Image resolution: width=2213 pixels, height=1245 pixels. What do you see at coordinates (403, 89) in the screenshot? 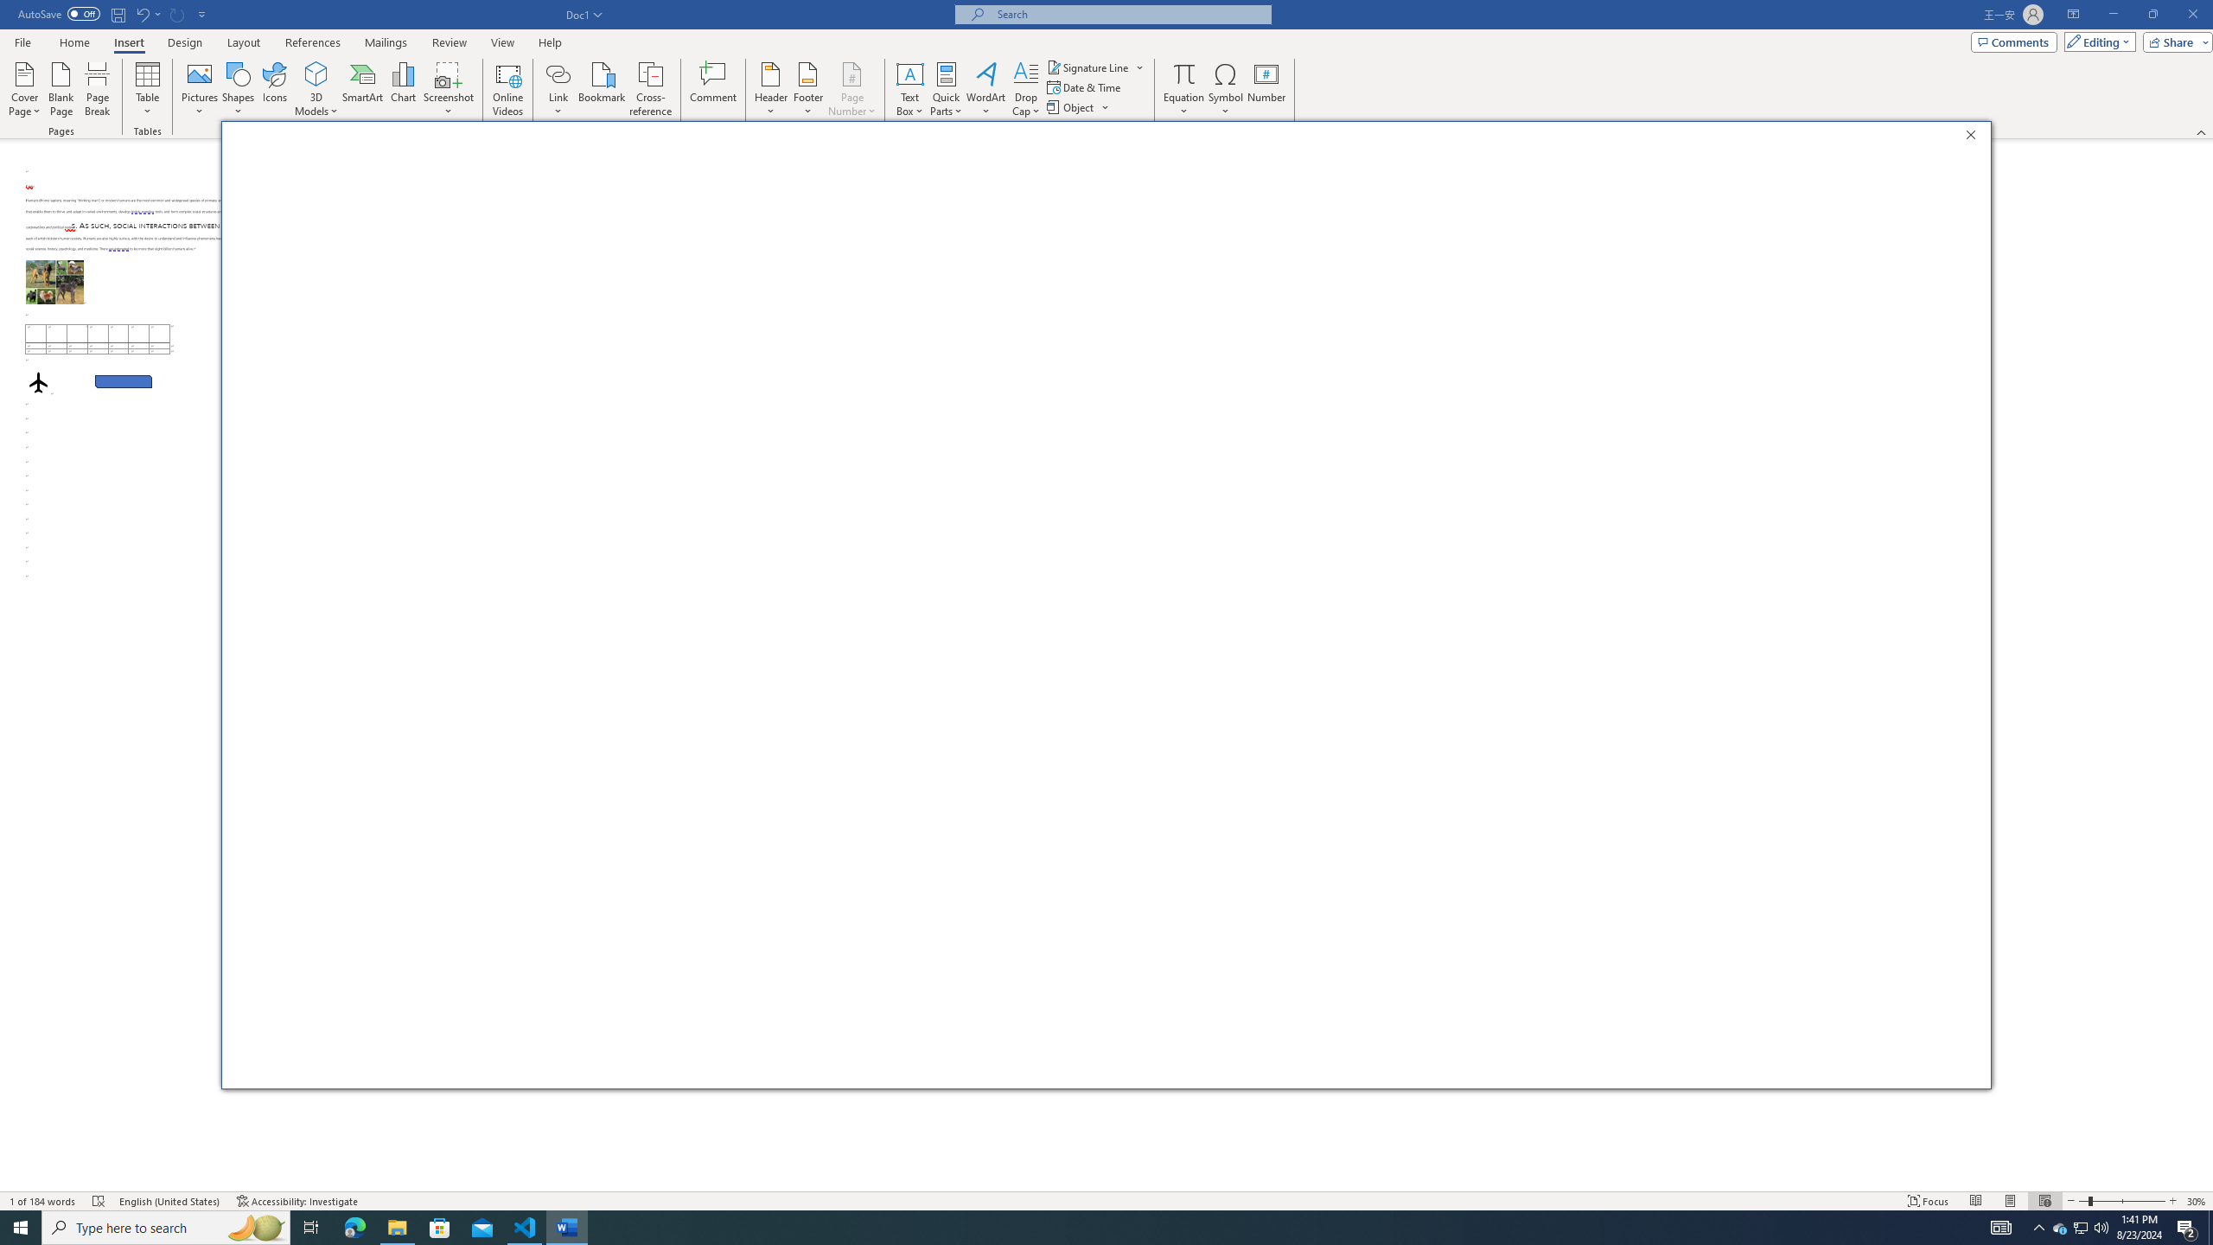
I see `'Chart...'` at bounding box center [403, 89].